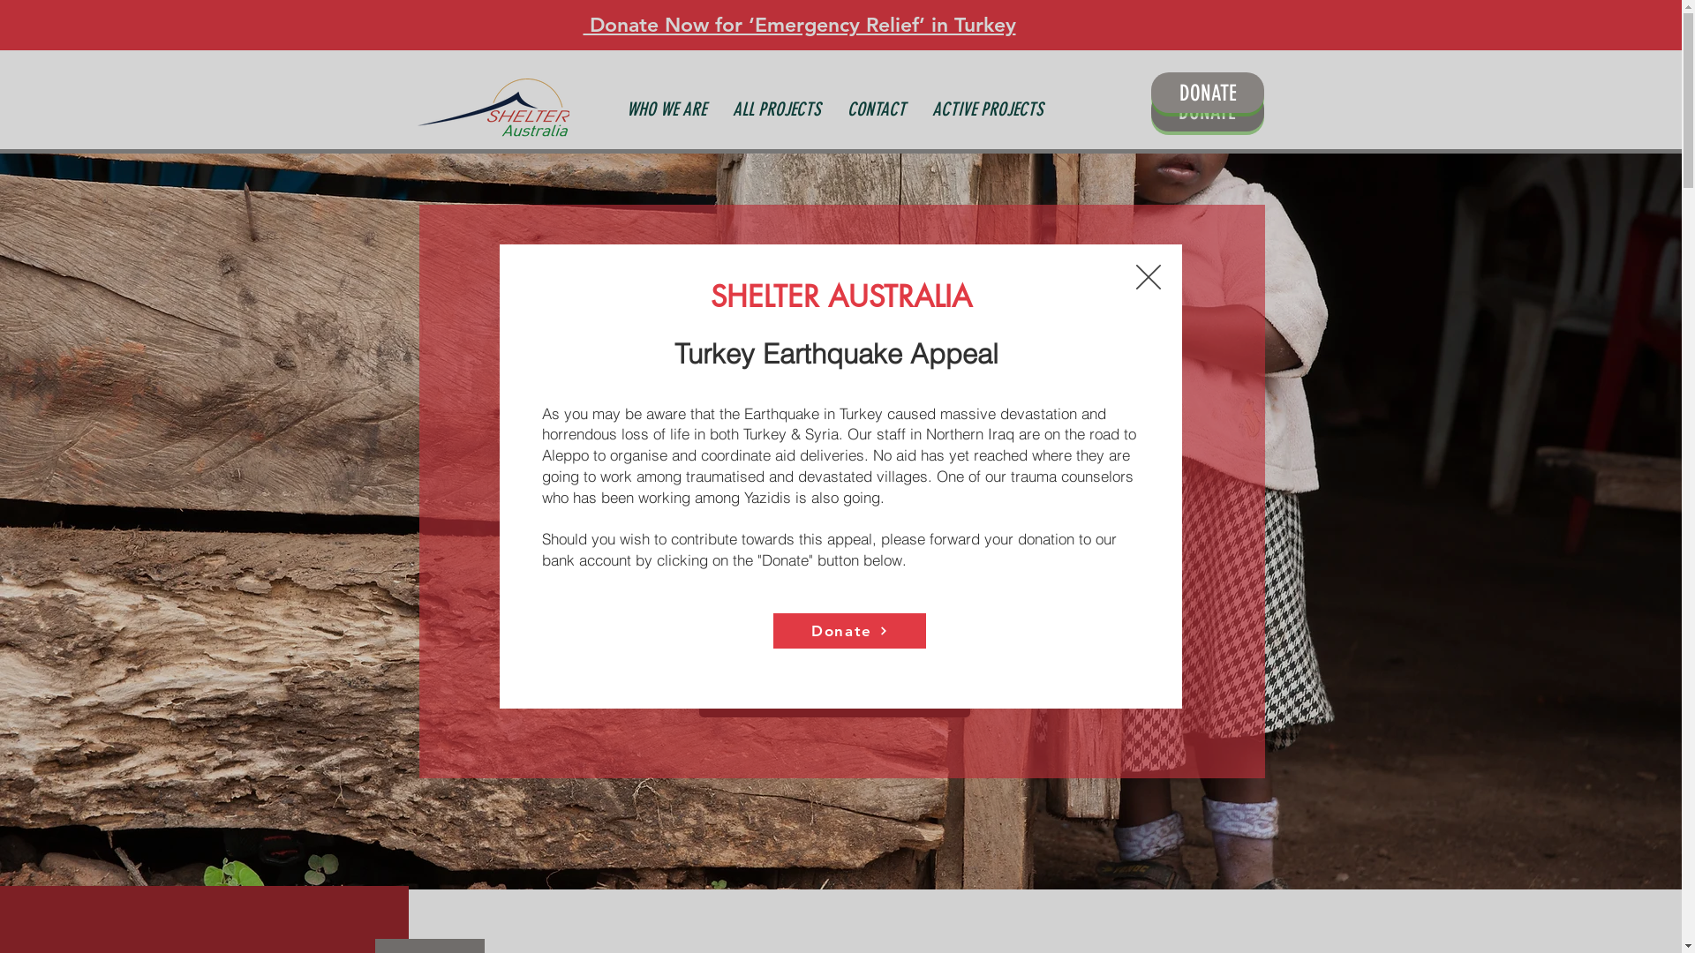 This screenshot has width=1695, height=953. I want to click on 'DONATE', so click(1207, 92).